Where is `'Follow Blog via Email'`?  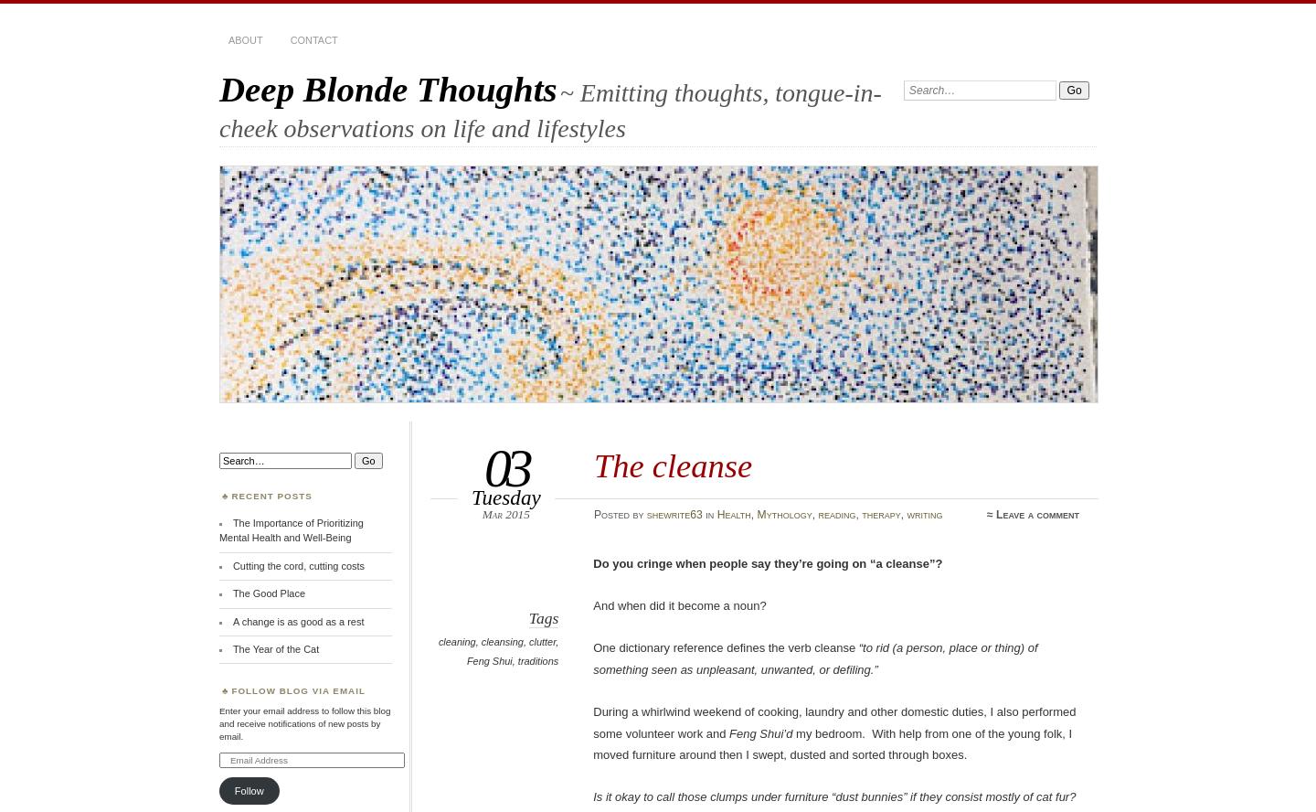 'Follow Blog via Email' is located at coordinates (230, 689).